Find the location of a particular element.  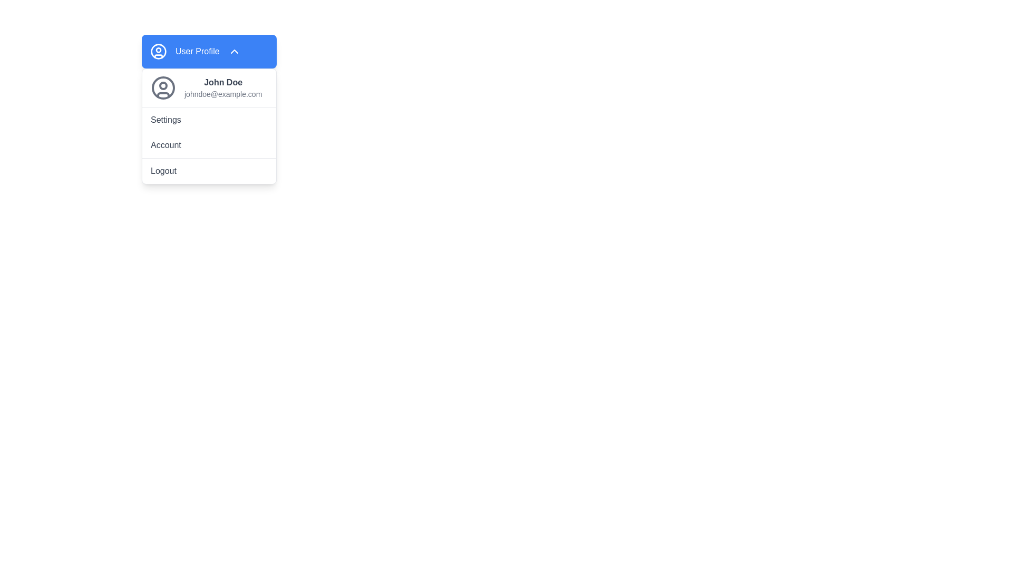

the text block displaying 'John Doe' and 'johndoe@example.com' in the dropdown menu under the 'User Profile' button is located at coordinates (222, 87).